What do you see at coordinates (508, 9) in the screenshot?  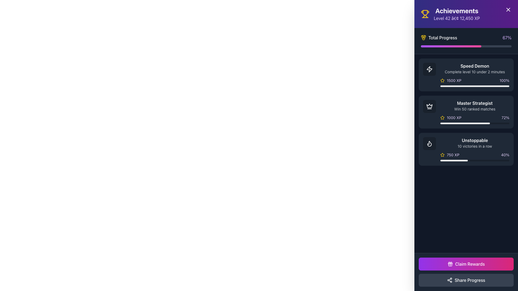 I see `the close icon button, which is a small 'X' mark styled with thin white lines against a purple background located in the top-right corner of the 'Achievements' panel` at bounding box center [508, 9].